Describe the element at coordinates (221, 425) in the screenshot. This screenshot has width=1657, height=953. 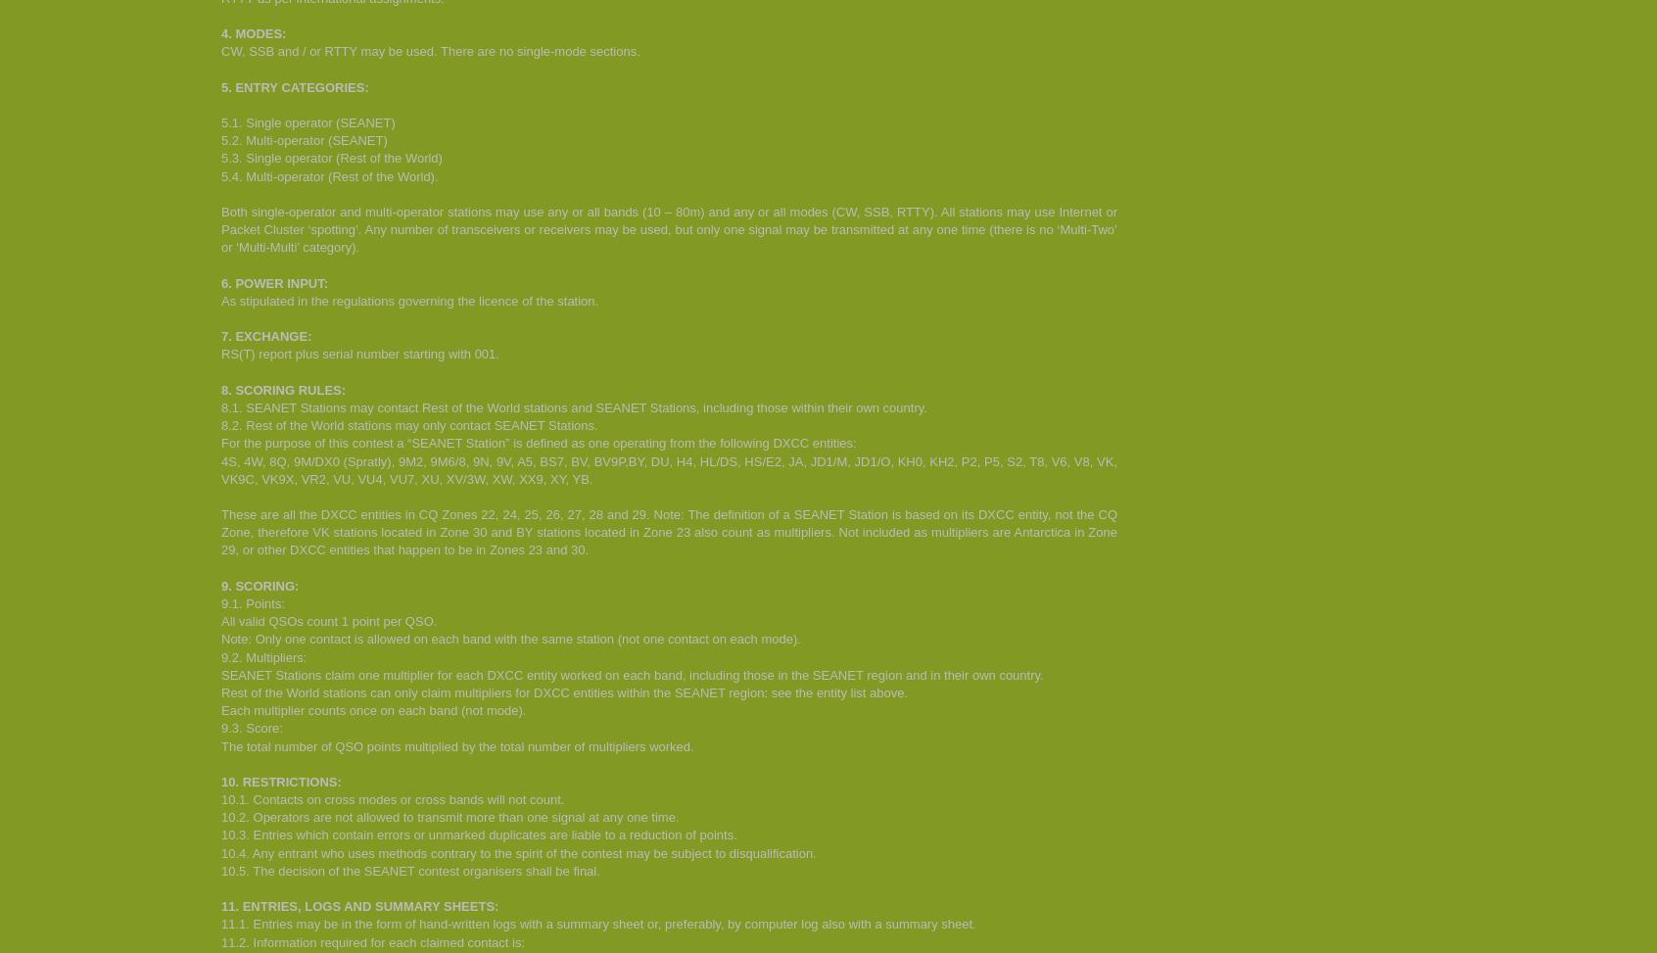
I see `'8.2. Rest of the World stations may only contact SEANET Stations.'` at that location.